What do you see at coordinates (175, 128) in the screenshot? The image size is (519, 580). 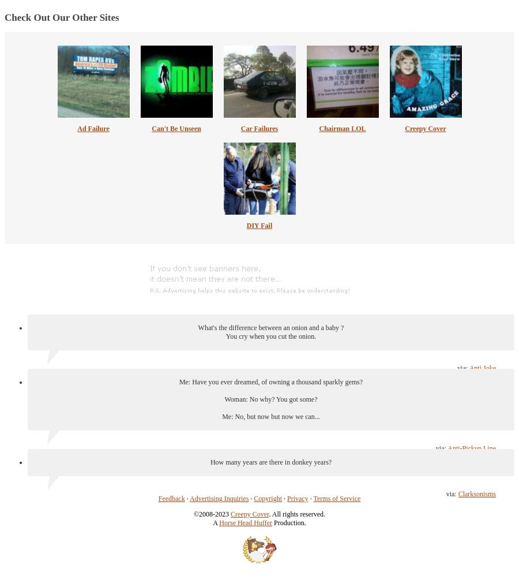 I see `'Can't Be Unseen'` at bounding box center [175, 128].